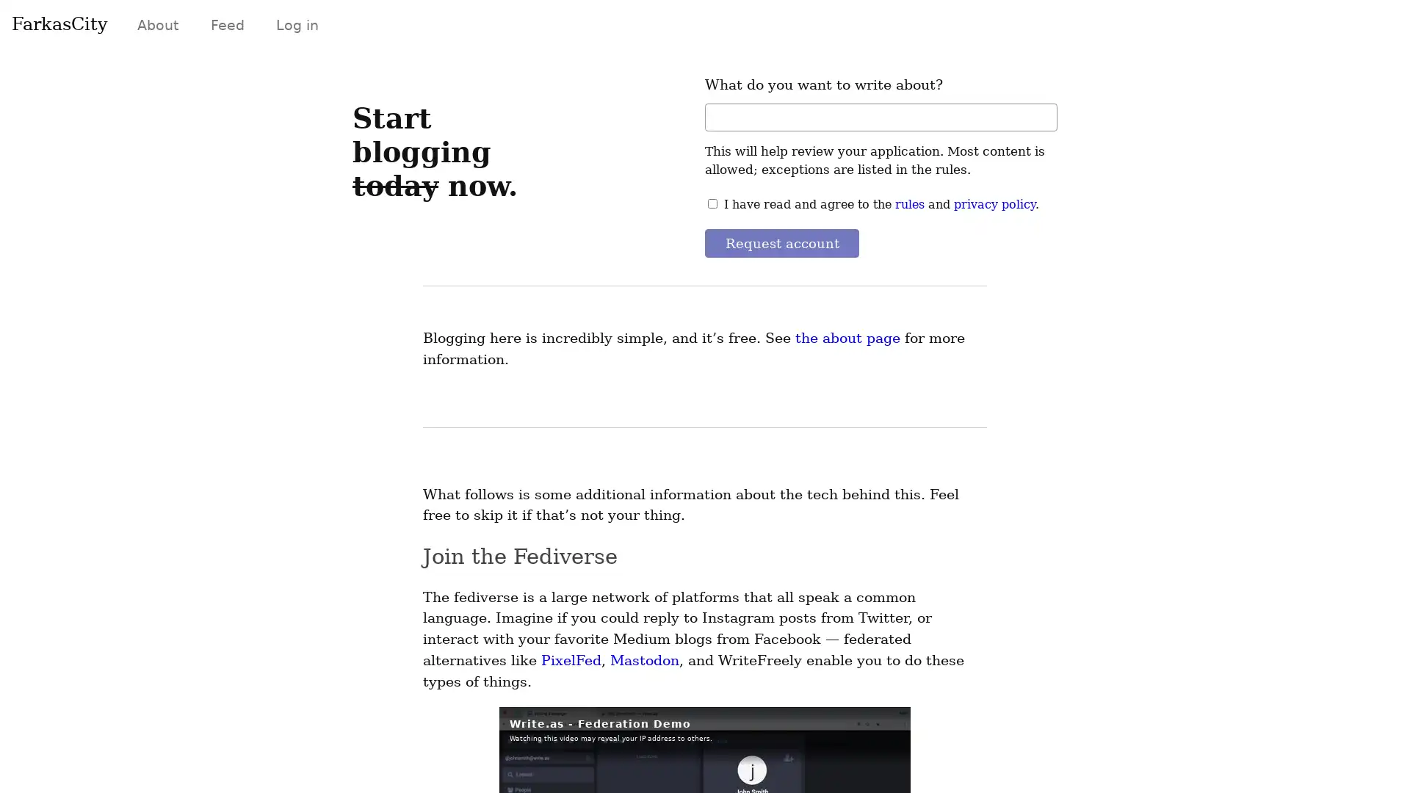  Describe the element at coordinates (784, 243) in the screenshot. I see `Request account` at that location.